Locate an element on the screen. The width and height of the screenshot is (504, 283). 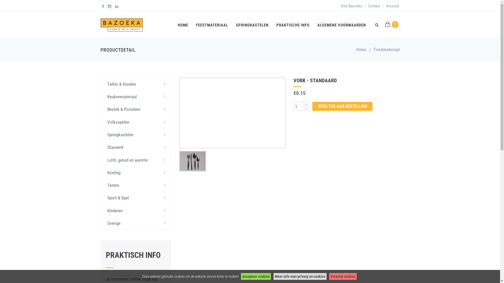
'Meer info over privacy en cookies' is located at coordinates (300, 276).